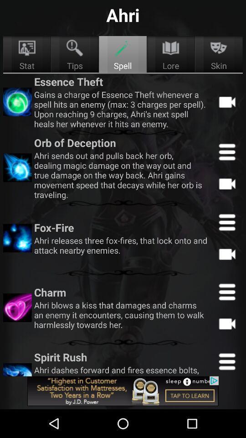 The width and height of the screenshot is (246, 438). I want to click on menu, so click(226, 291).